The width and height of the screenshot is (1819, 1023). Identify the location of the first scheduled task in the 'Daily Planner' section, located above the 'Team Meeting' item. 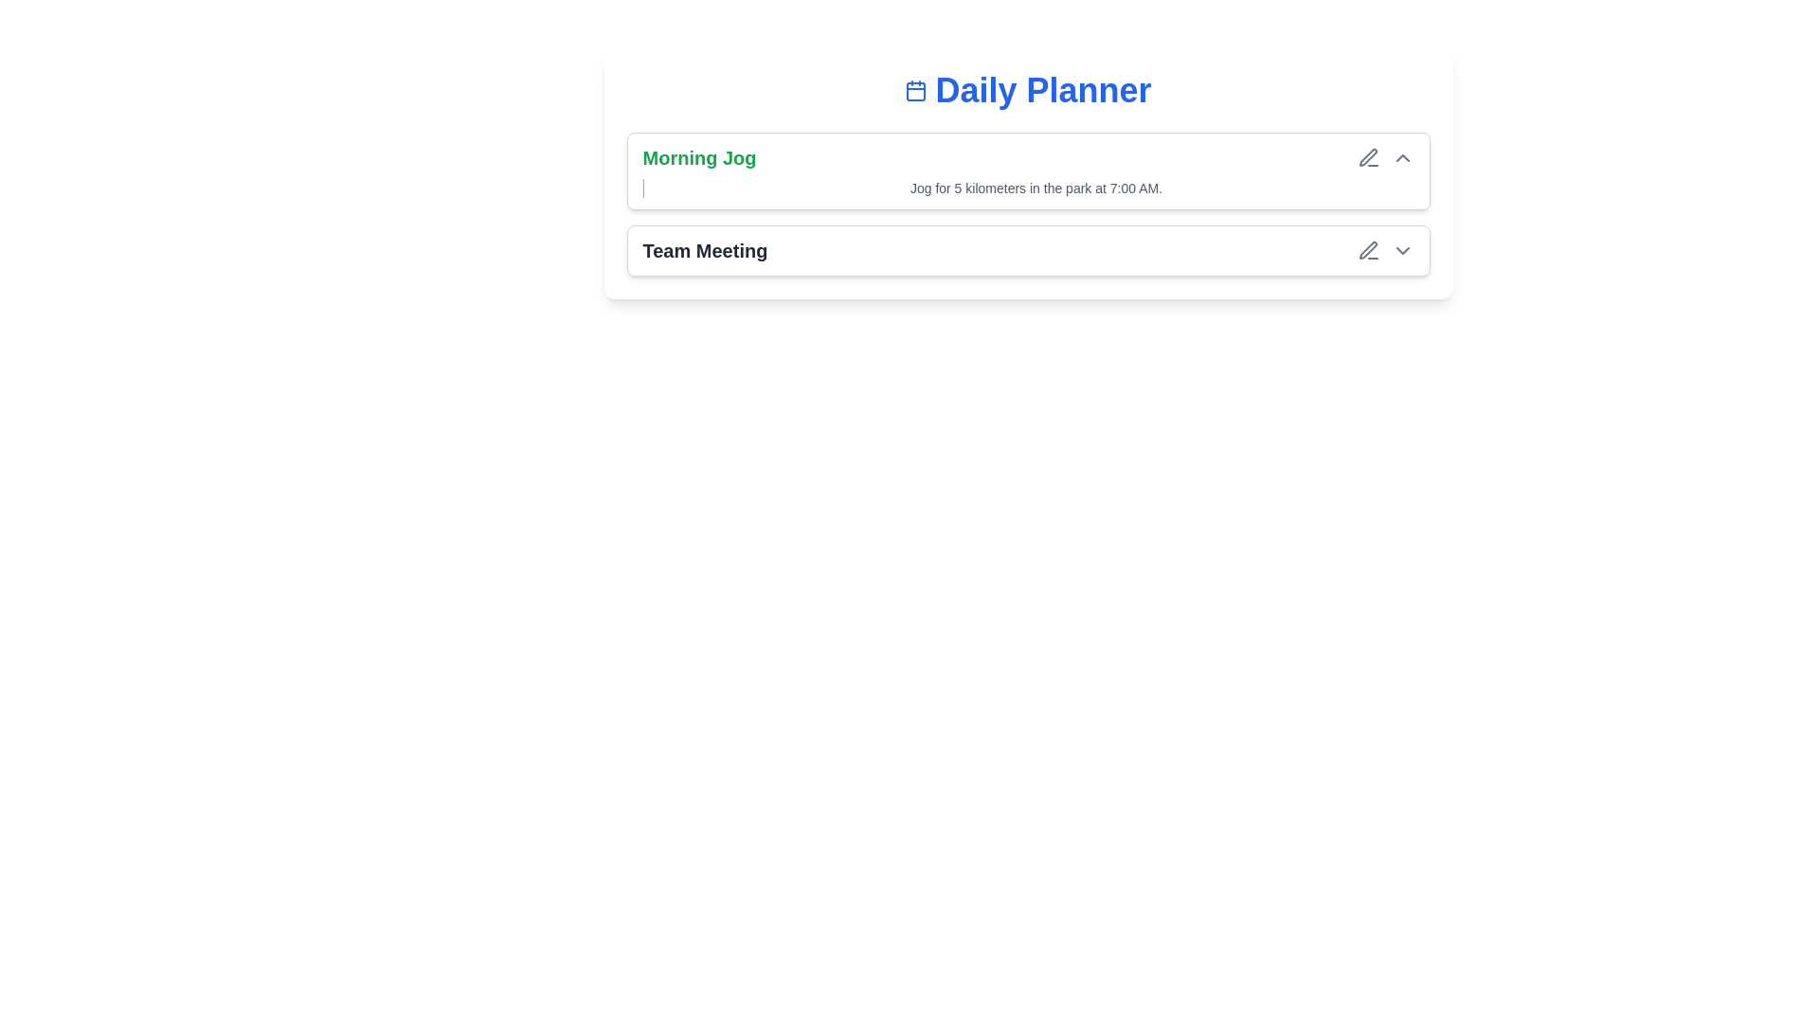
(1027, 205).